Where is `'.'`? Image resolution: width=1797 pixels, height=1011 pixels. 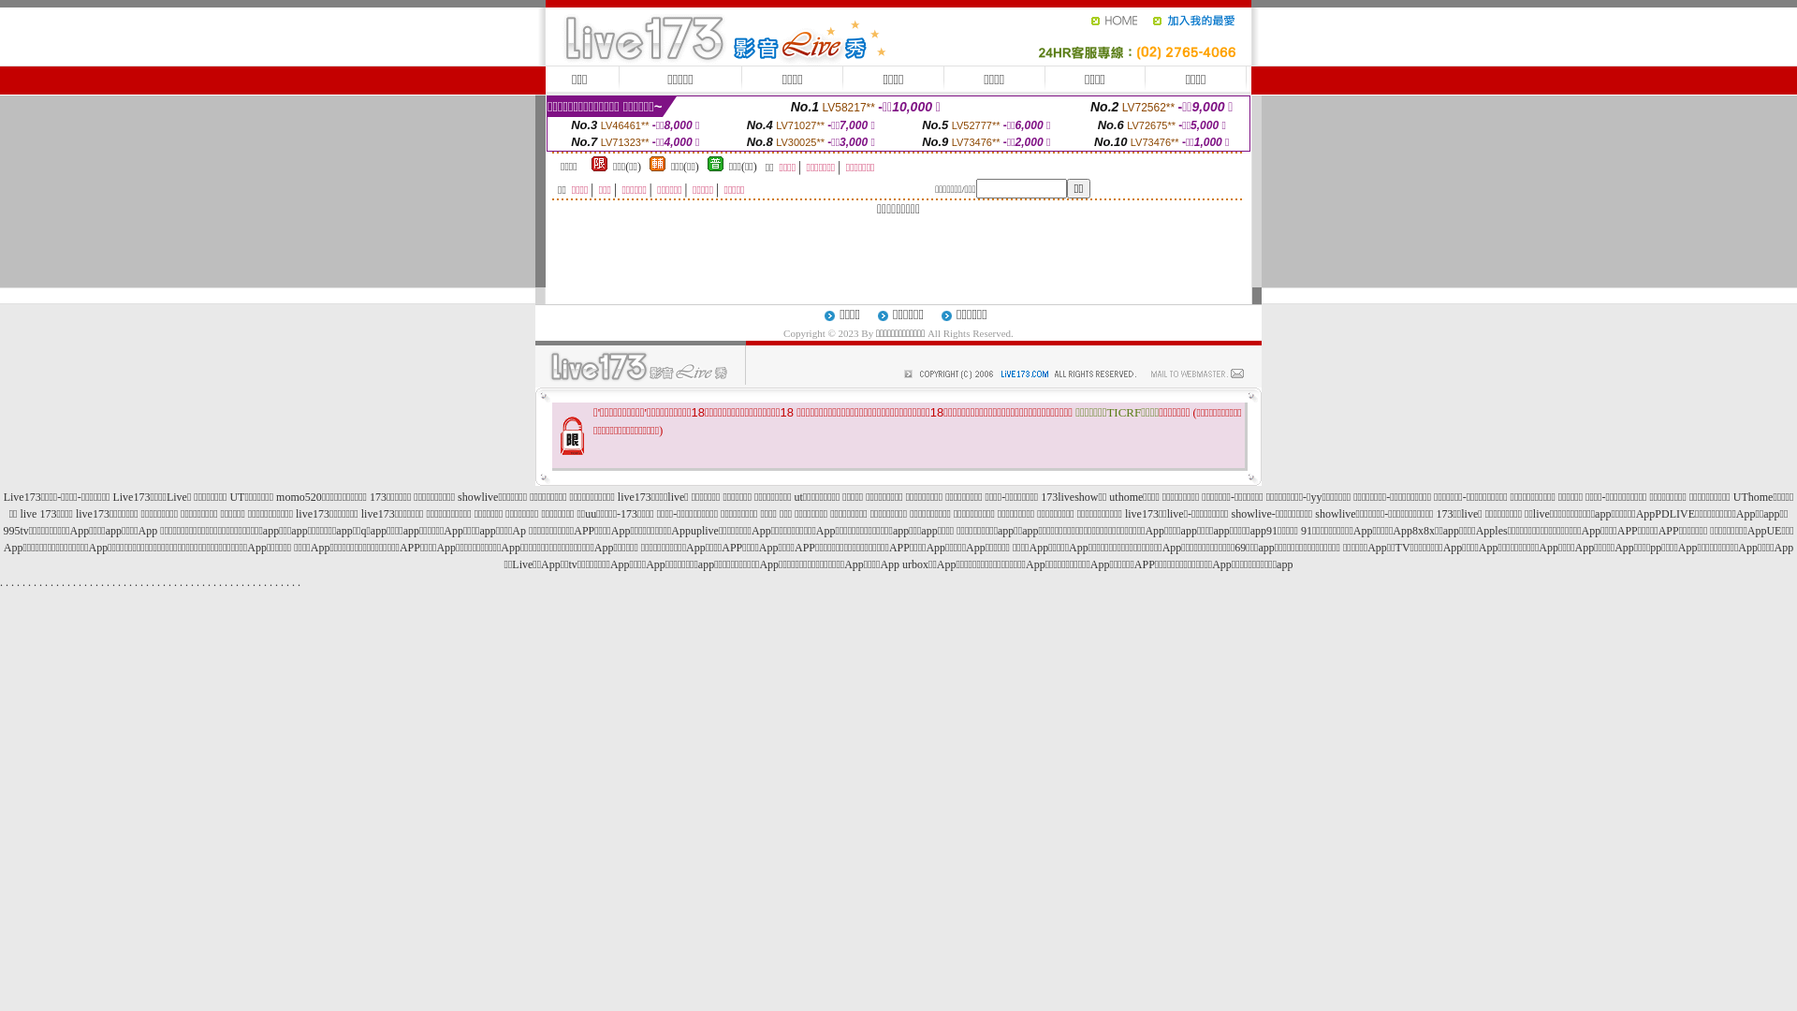 '.' is located at coordinates (241, 580).